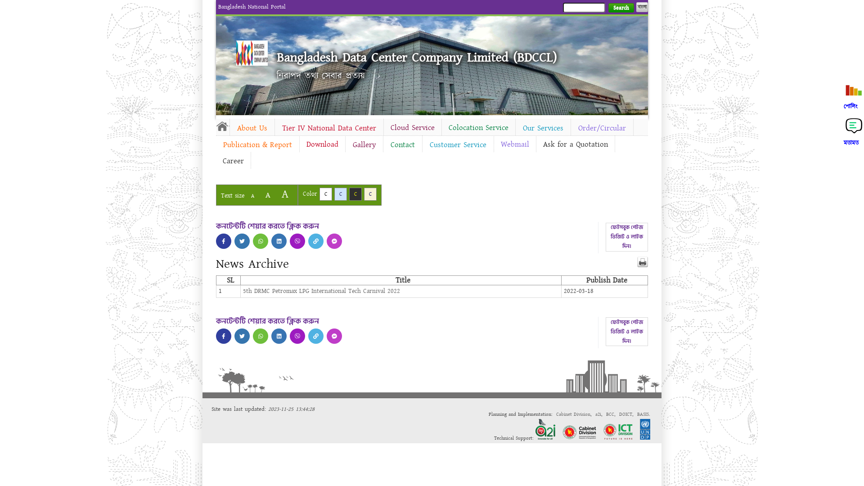 The width and height of the screenshot is (864, 486). I want to click on 'Contact', so click(402, 144).